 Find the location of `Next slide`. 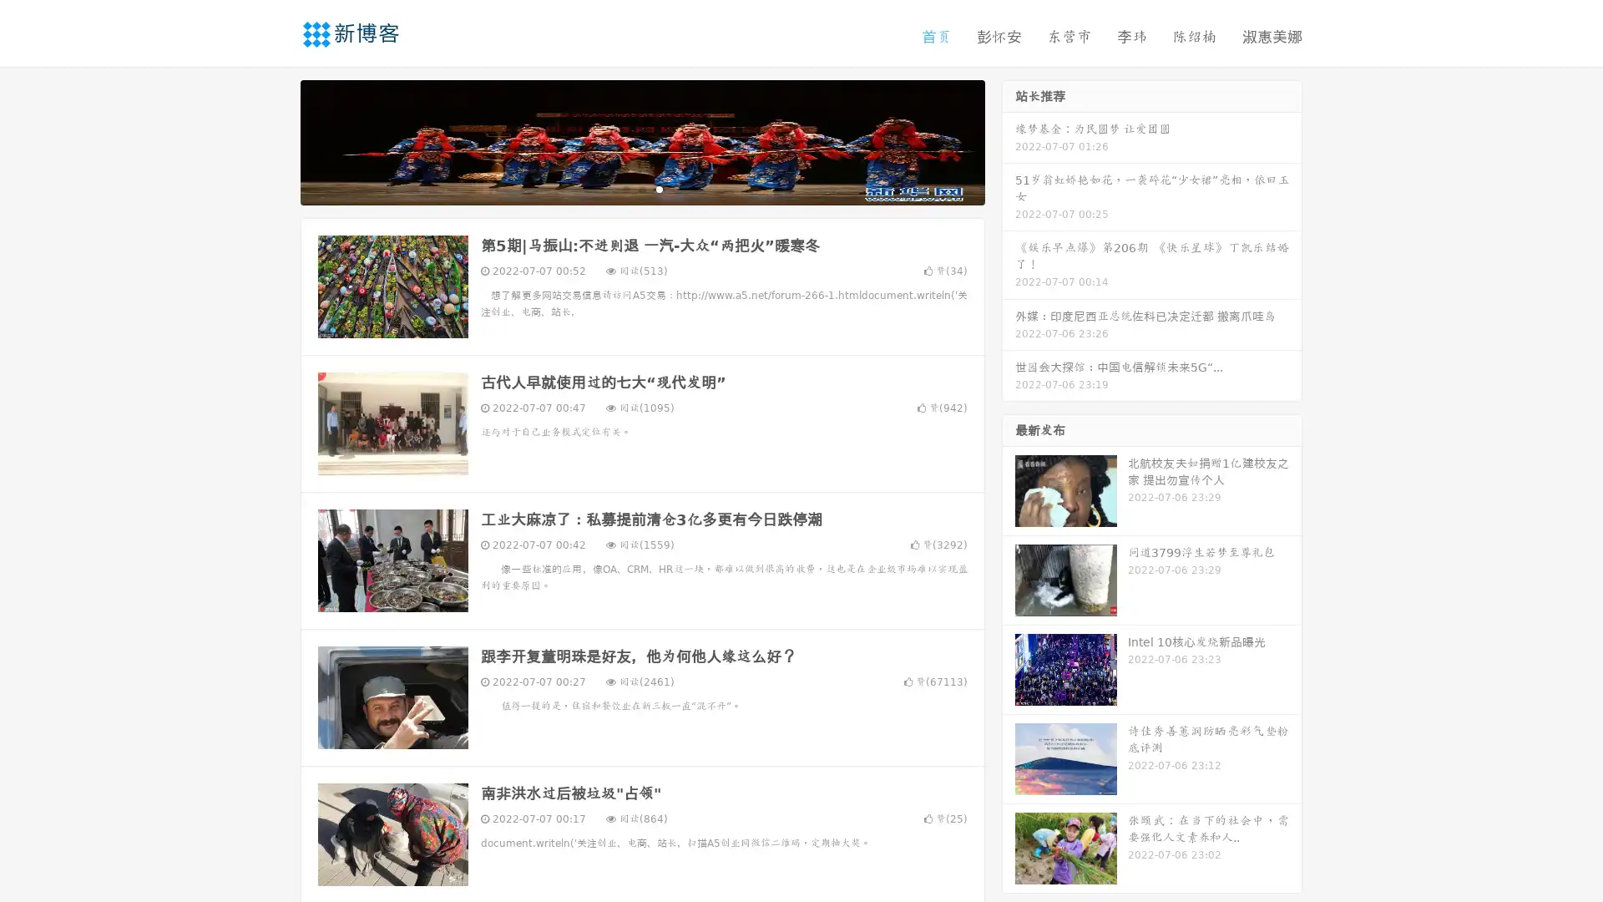

Next slide is located at coordinates (1009, 140).